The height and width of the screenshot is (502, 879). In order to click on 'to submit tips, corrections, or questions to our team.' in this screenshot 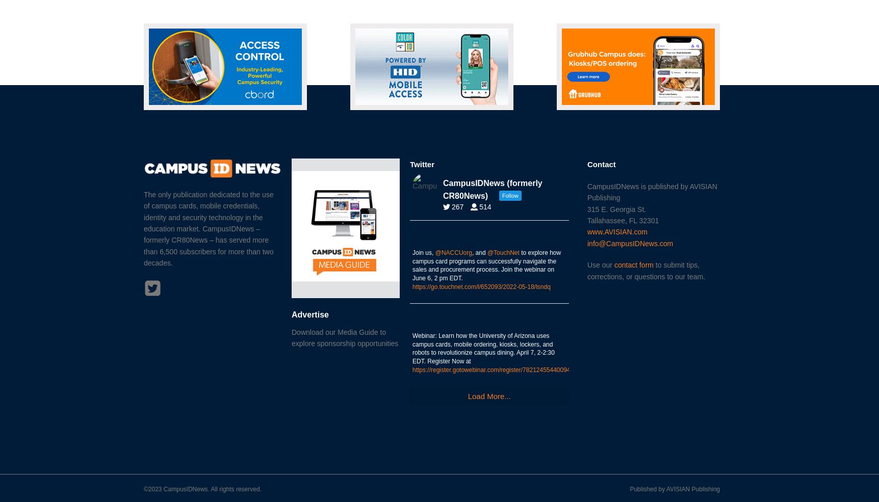, I will do `click(645, 271)`.